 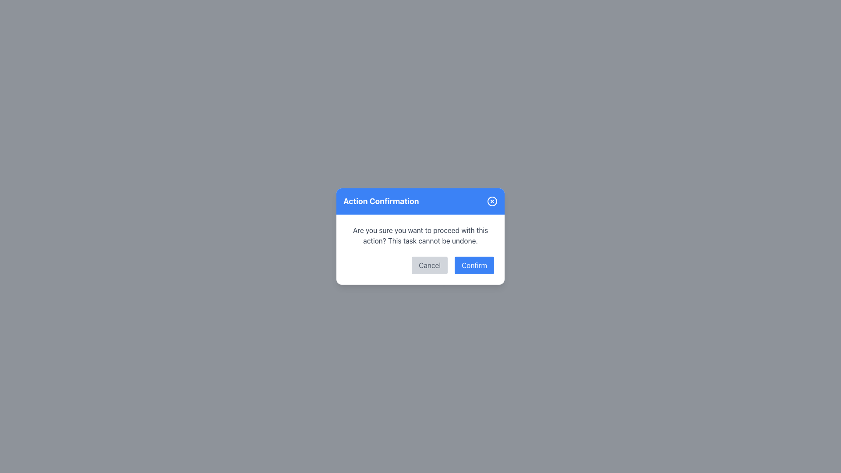 What do you see at coordinates (430, 265) in the screenshot?
I see `the 'Cancel' button, which is a rectangular button with a light gray background located in the footer of a dialog box, positioned to the left of the 'Confirm' button` at bounding box center [430, 265].